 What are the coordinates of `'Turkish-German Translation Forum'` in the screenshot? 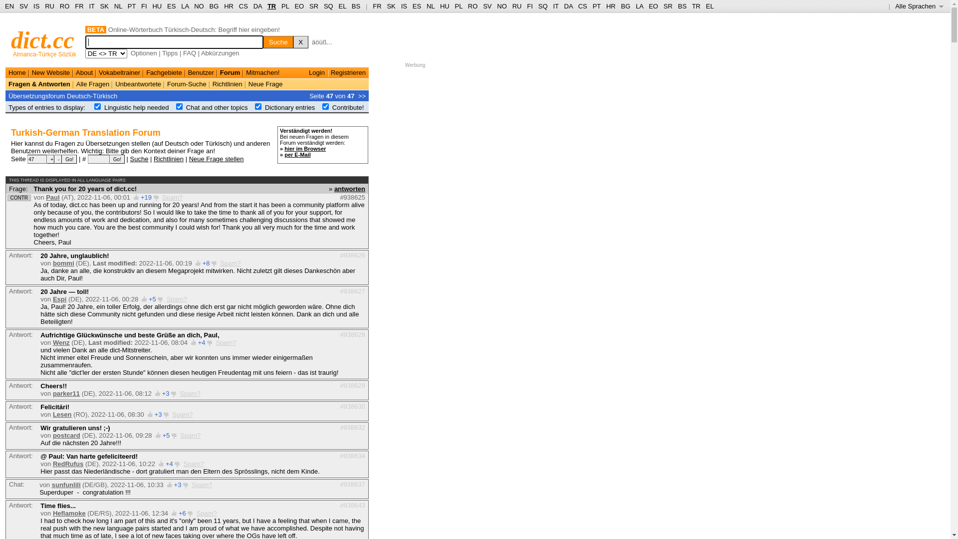 It's located at (11, 132).